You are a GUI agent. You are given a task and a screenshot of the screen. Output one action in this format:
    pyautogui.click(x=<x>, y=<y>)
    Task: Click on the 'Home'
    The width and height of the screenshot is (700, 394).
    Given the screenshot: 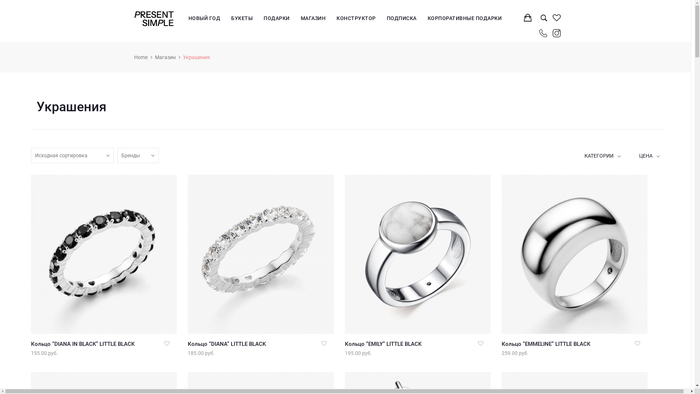 What is the action you would take?
    pyautogui.click(x=141, y=57)
    